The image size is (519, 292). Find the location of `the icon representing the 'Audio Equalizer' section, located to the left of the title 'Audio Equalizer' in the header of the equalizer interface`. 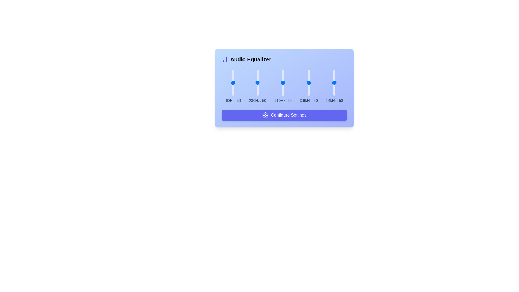

the icon representing the 'Audio Equalizer' section, located to the left of the title 'Audio Equalizer' in the header of the equalizer interface is located at coordinates (225, 59).